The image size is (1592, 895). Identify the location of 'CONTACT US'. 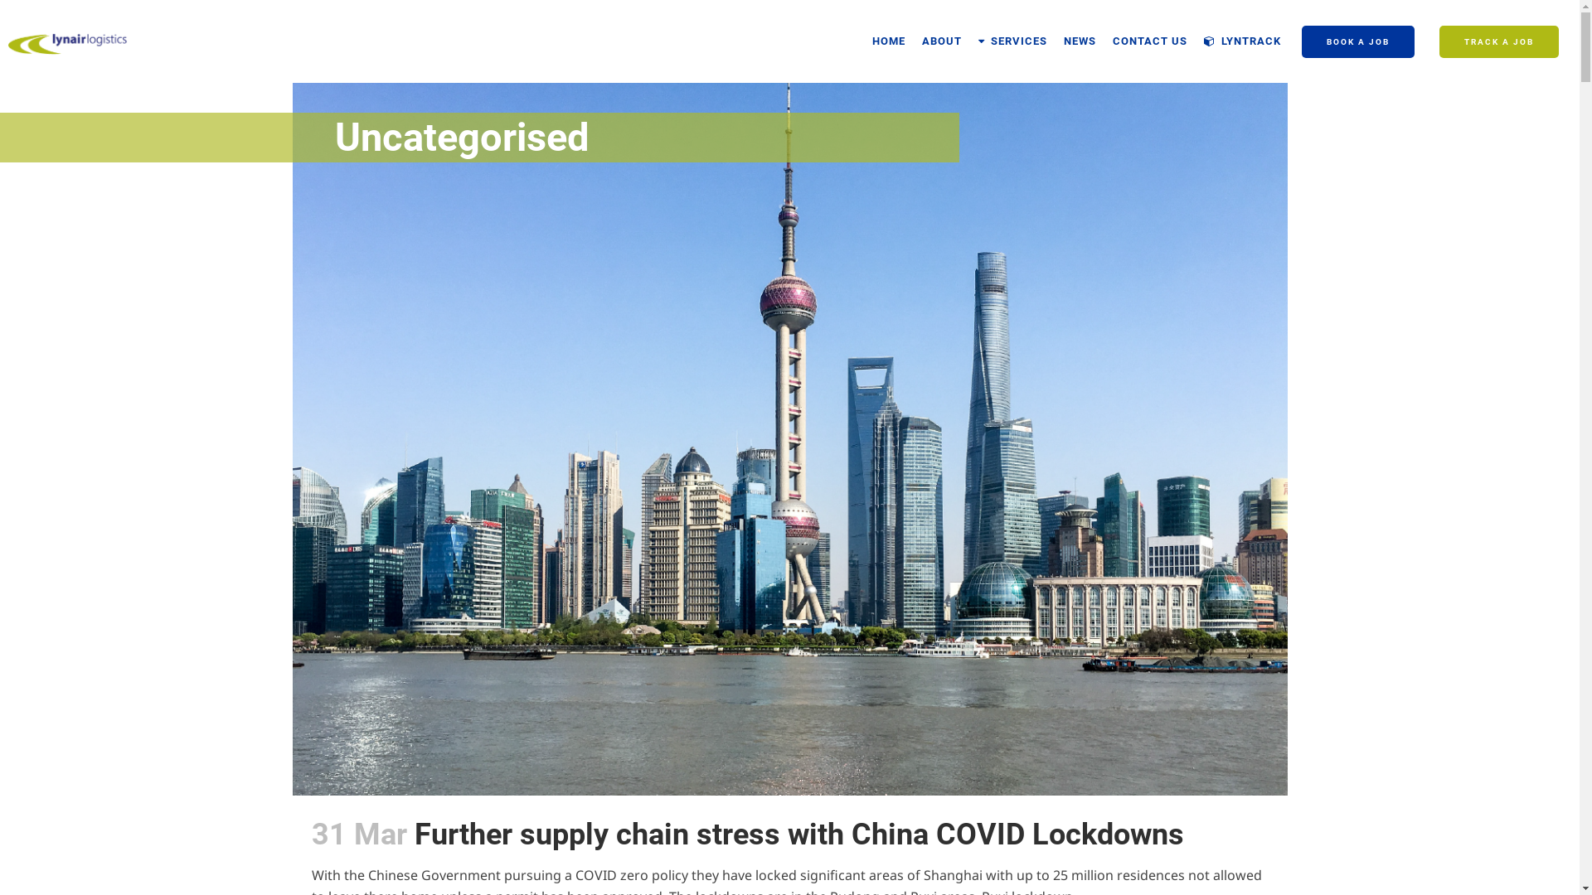
(1104, 41).